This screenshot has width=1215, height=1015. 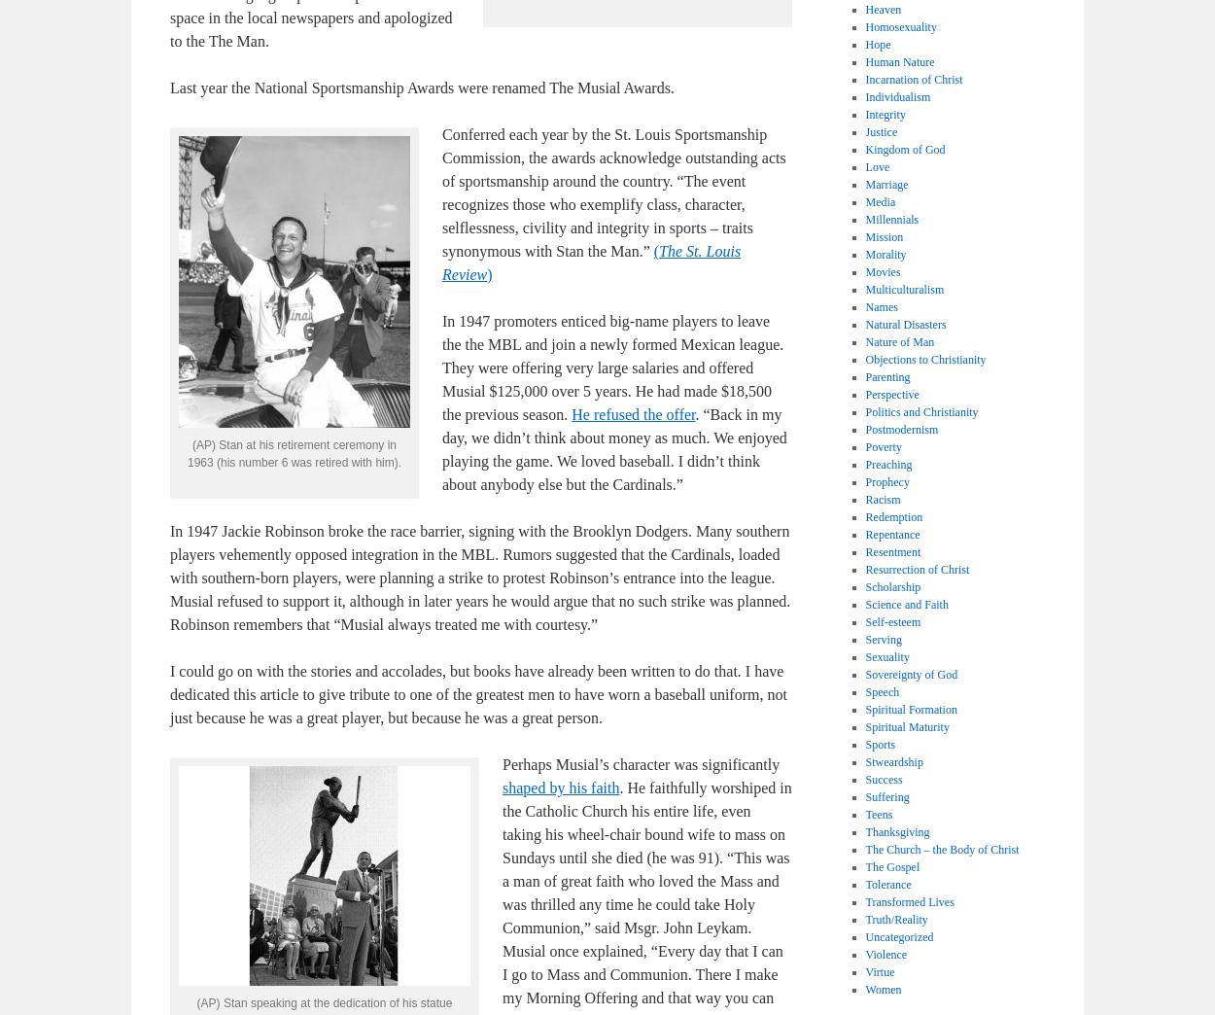 I want to click on 'Natural Disasters', so click(x=865, y=324).